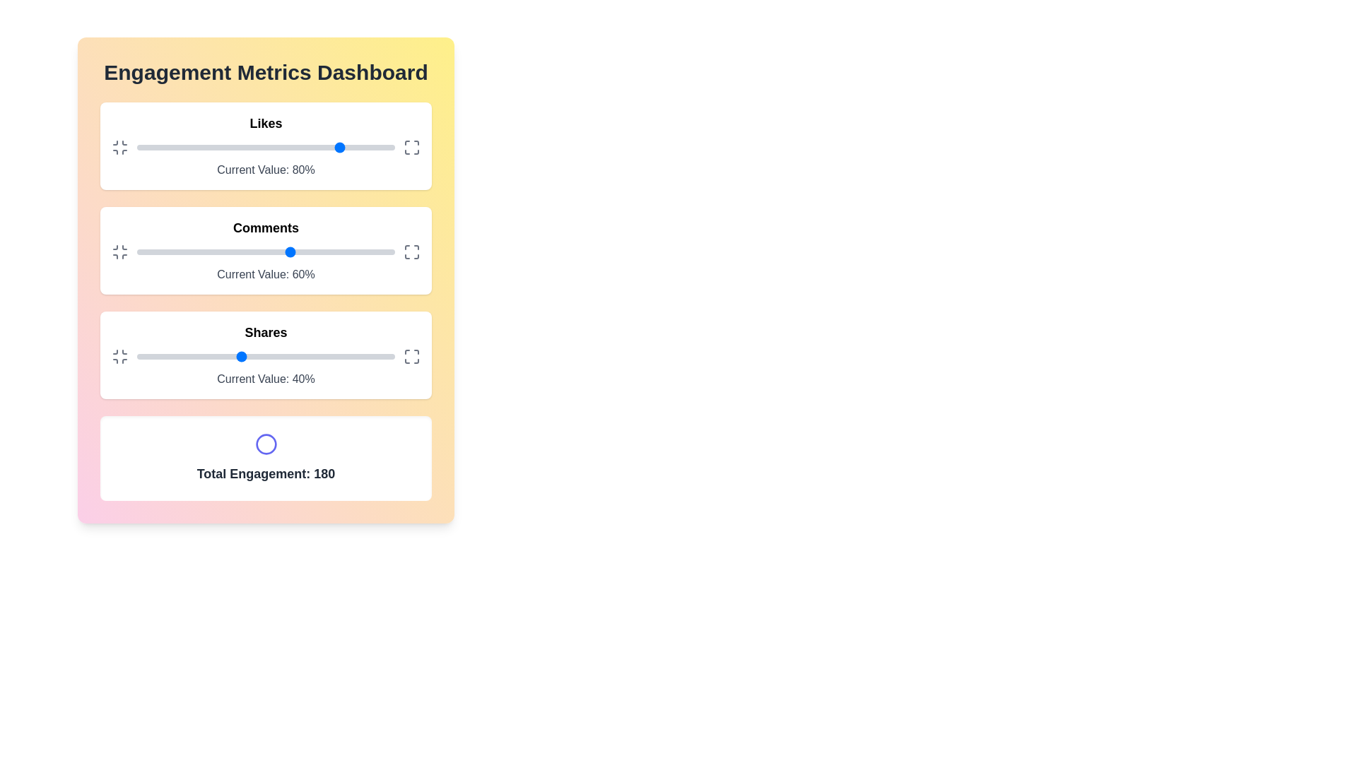  I want to click on comments, so click(255, 252).